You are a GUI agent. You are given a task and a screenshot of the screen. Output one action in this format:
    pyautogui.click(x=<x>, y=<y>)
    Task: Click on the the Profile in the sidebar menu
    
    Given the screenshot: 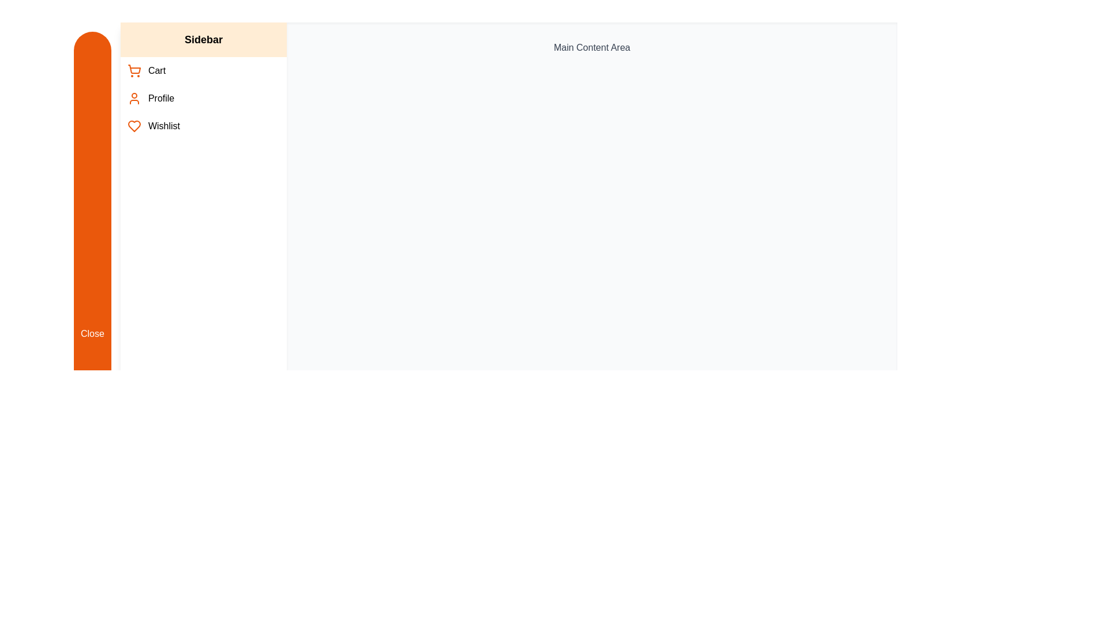 What is the action you would take?
    pyautogui.click(x=203, y=97)
    